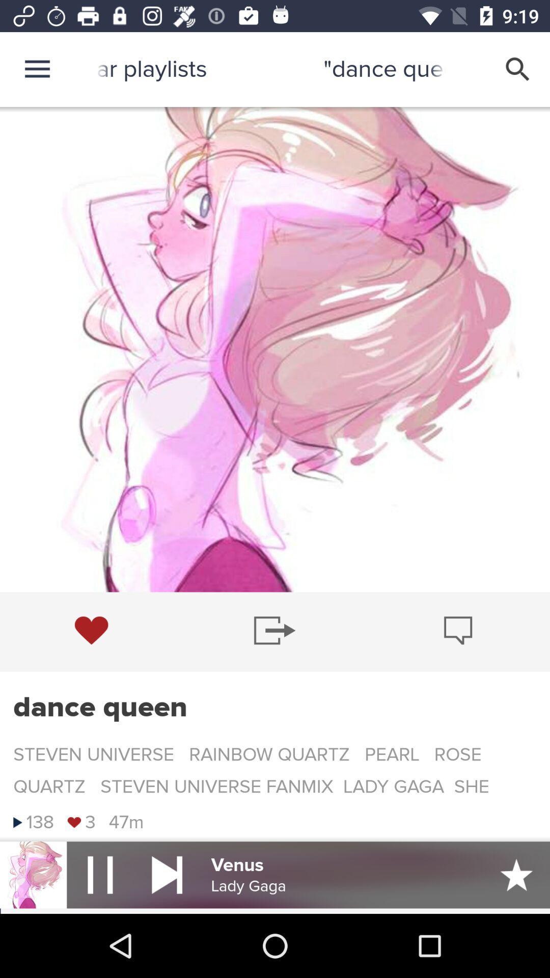 This screenshot has width=550, height=978. Describe the element at coordinates (167, 874) in the screenshot. I see `the skip_next icon` at that location.